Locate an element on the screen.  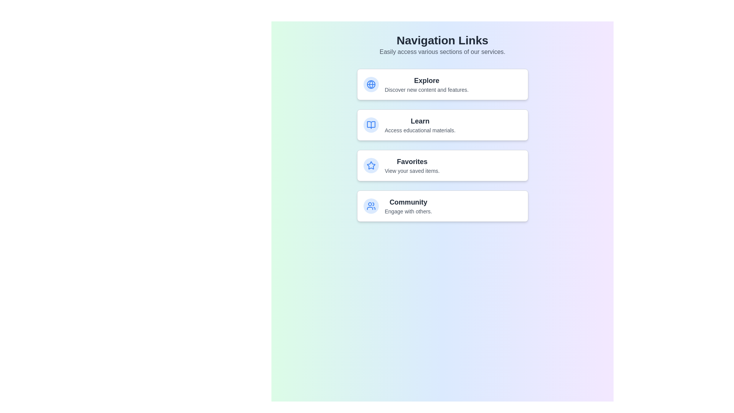
the second interactive navigation link button, positioned below 'Explore' and above 'Favorites' is located at coordinates (442, 127).